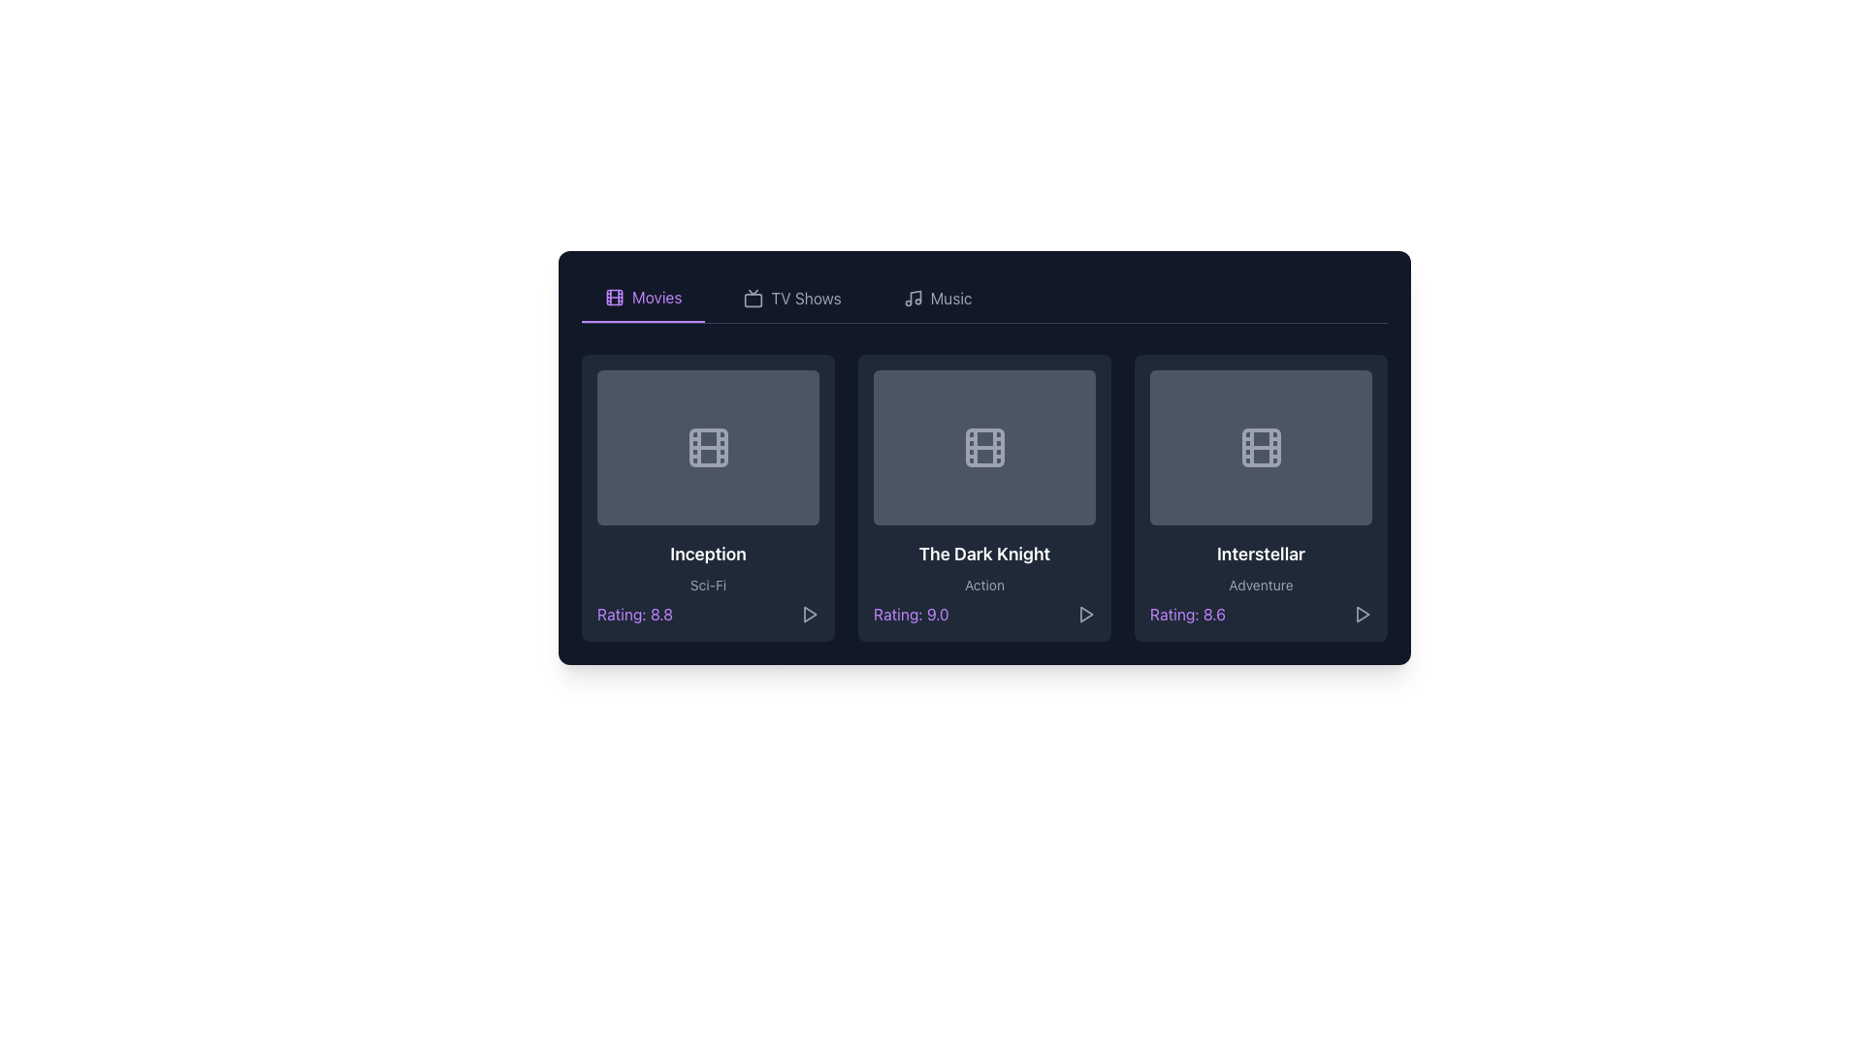  I want to click on the 'Movies', 'TV Shows', and 'Music' options in the horizontal navigation menu, so click(984, 299).